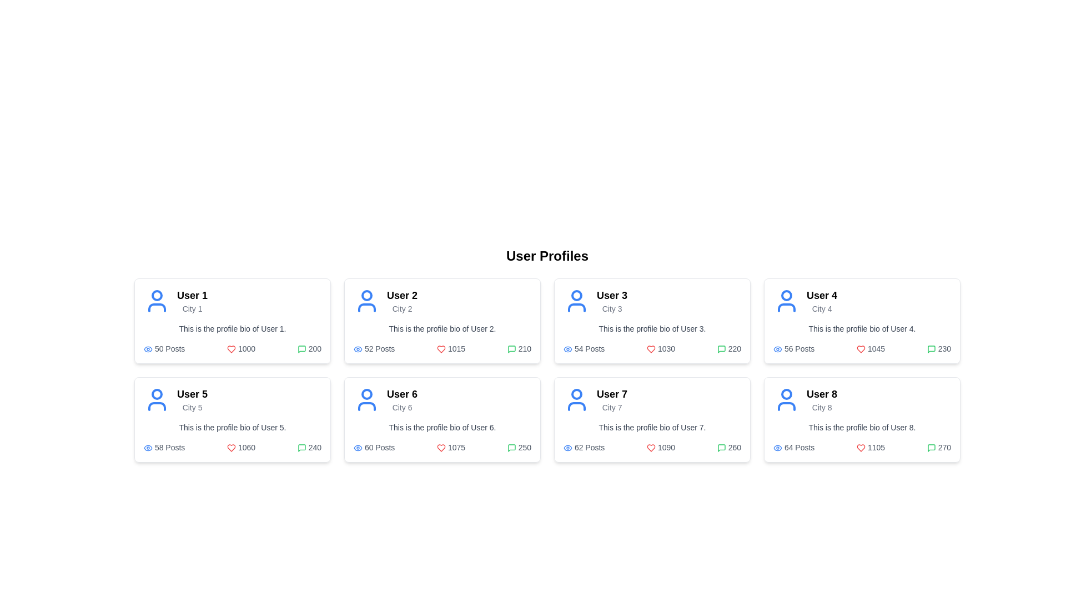  What do you see at coordinates (192, 393) in the screenshot?
I see `the bold title text label reading 'User 5' at the top of the user profile card located in the second row, first column of the grid` at bounding box center [192, 393].